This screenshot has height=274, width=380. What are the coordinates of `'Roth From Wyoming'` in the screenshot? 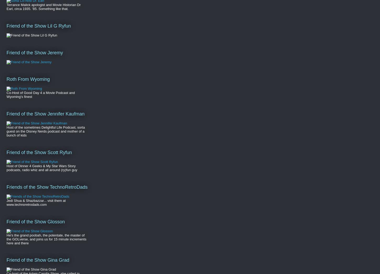 It's located at (28, 79).